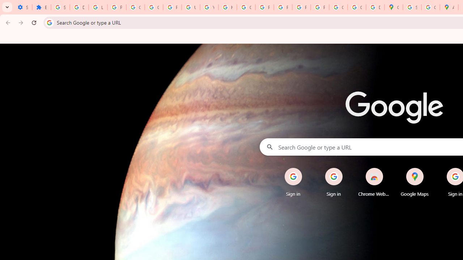  Describe the element at coordinates (79, 7) in the screenshot. I see `'Delete photos & videos - Computer - Google Photos Help'` at that location.